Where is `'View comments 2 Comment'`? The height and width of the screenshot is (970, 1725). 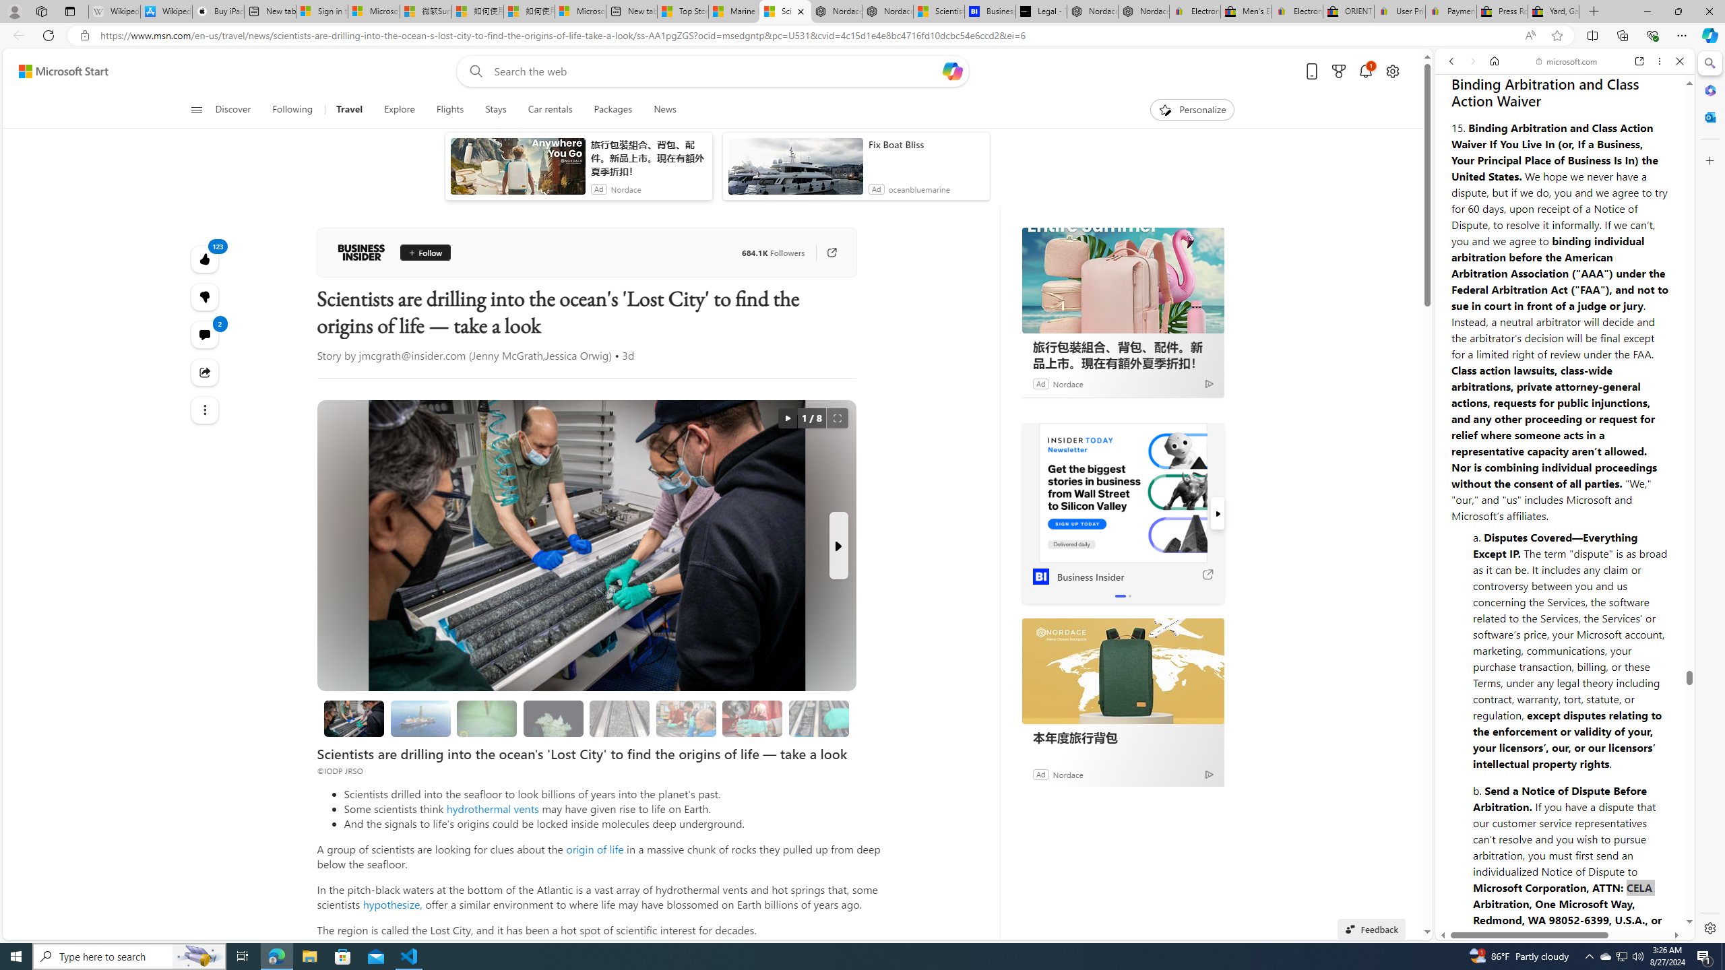 'View comments 2 Comment' is located at coordinates (204, 333).